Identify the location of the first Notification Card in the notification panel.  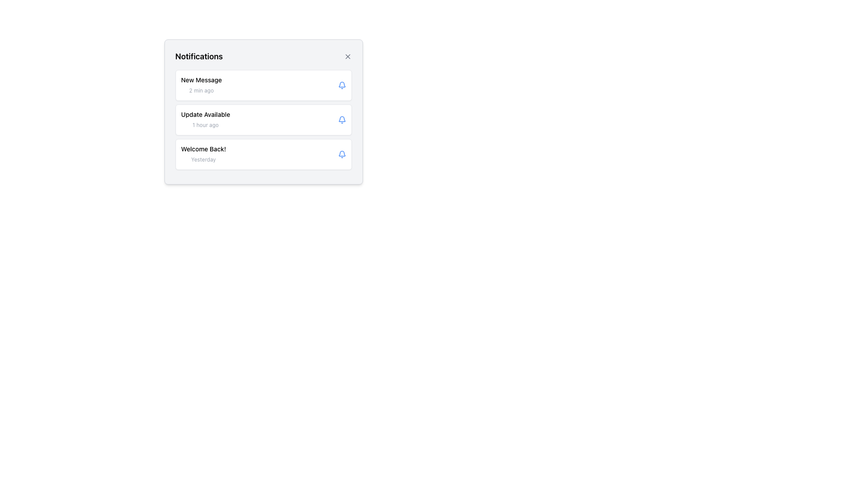
(263, 85).